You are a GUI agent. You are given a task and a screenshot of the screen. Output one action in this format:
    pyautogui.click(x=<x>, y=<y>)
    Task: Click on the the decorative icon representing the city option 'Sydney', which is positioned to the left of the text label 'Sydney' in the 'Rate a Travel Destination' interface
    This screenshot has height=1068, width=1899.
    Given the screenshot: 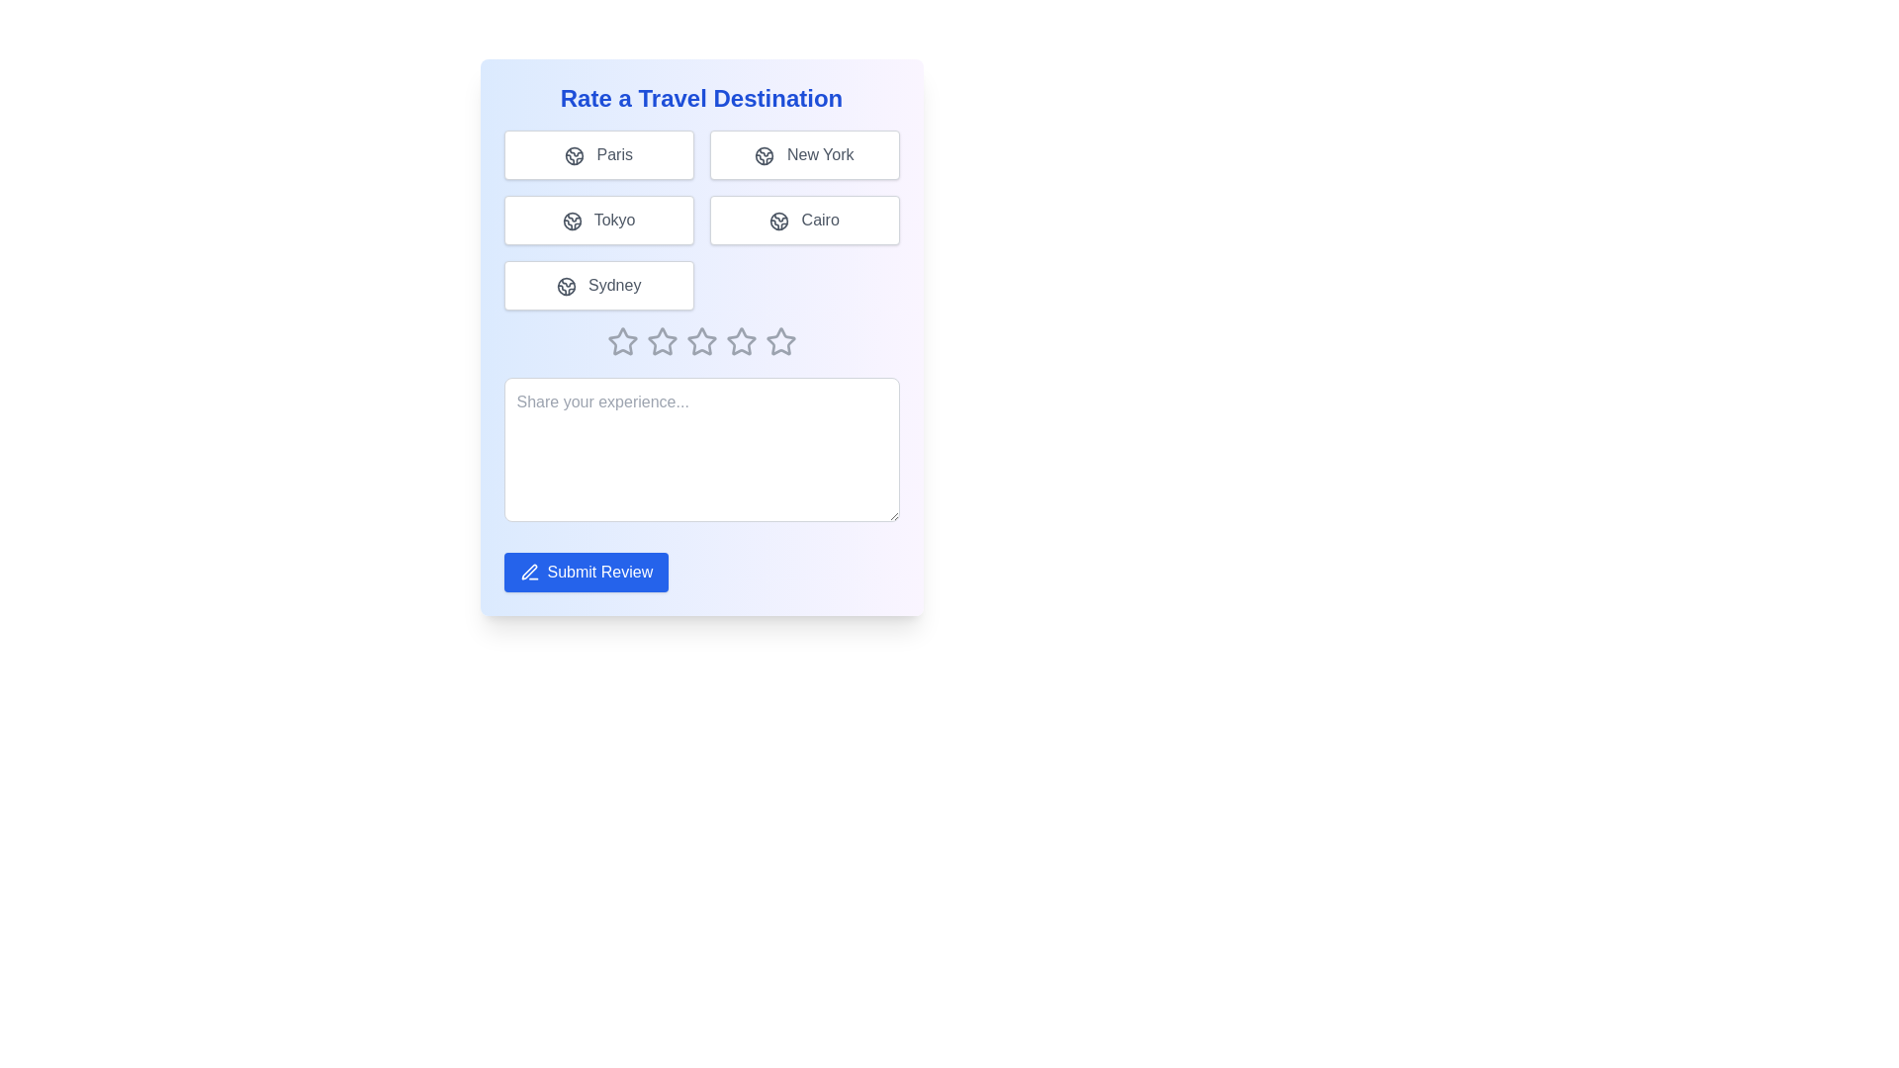 What is the action you would take?
    pyautogui.click(x=565, y=286)
    